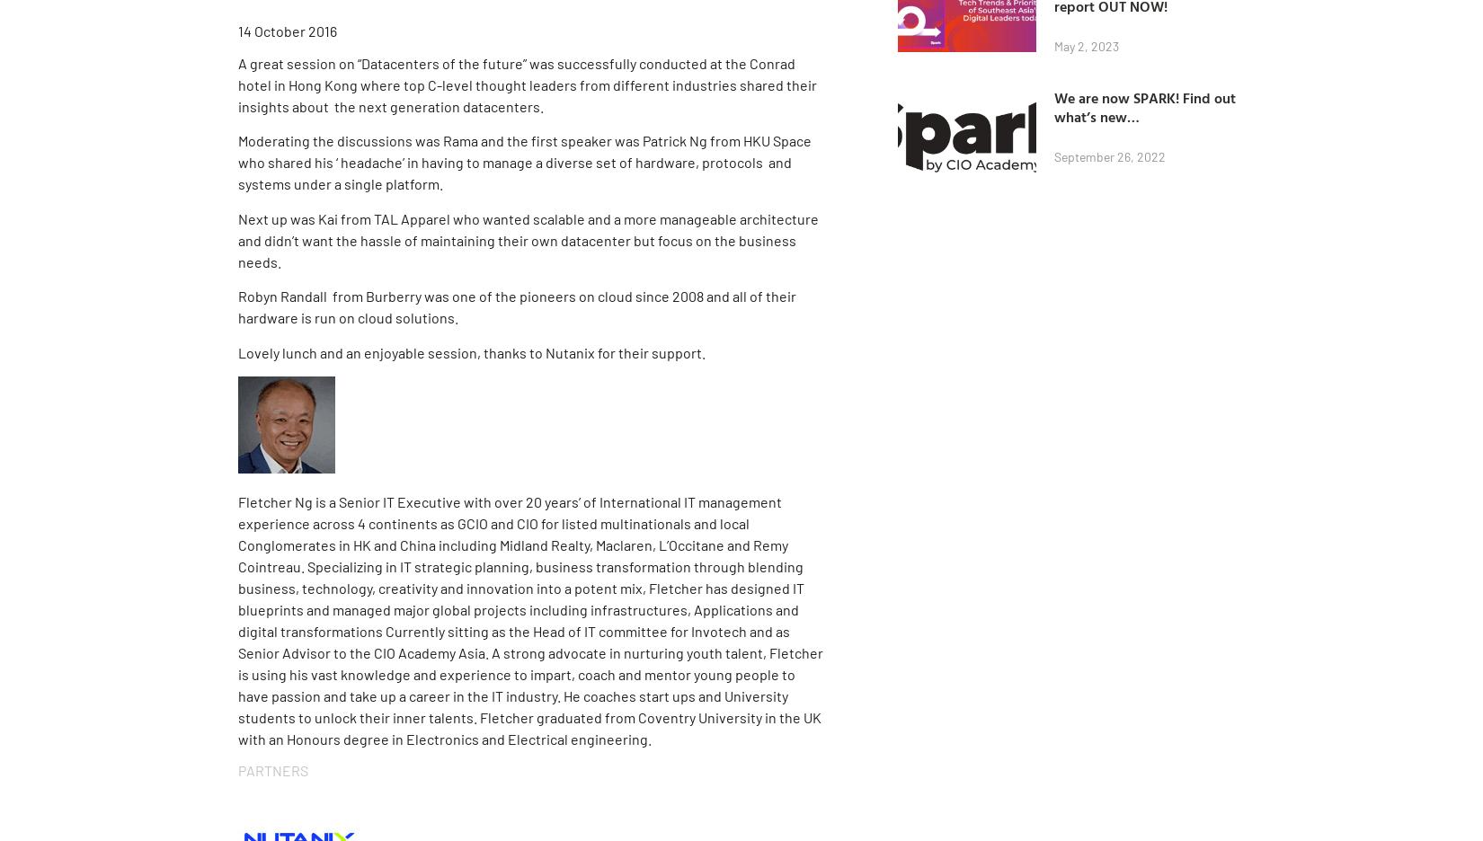 Image resolution: width=1483 pixels, height=841 pixels. Describe the element at coordinates (528, 238) in the screenshot. I see `'Next up was Kai from TAL Apparel who wanted scalable and a more manageable architecture and didn’t want the hassle of maintaining their own datacenter but focus on the business needs.'` at that location.